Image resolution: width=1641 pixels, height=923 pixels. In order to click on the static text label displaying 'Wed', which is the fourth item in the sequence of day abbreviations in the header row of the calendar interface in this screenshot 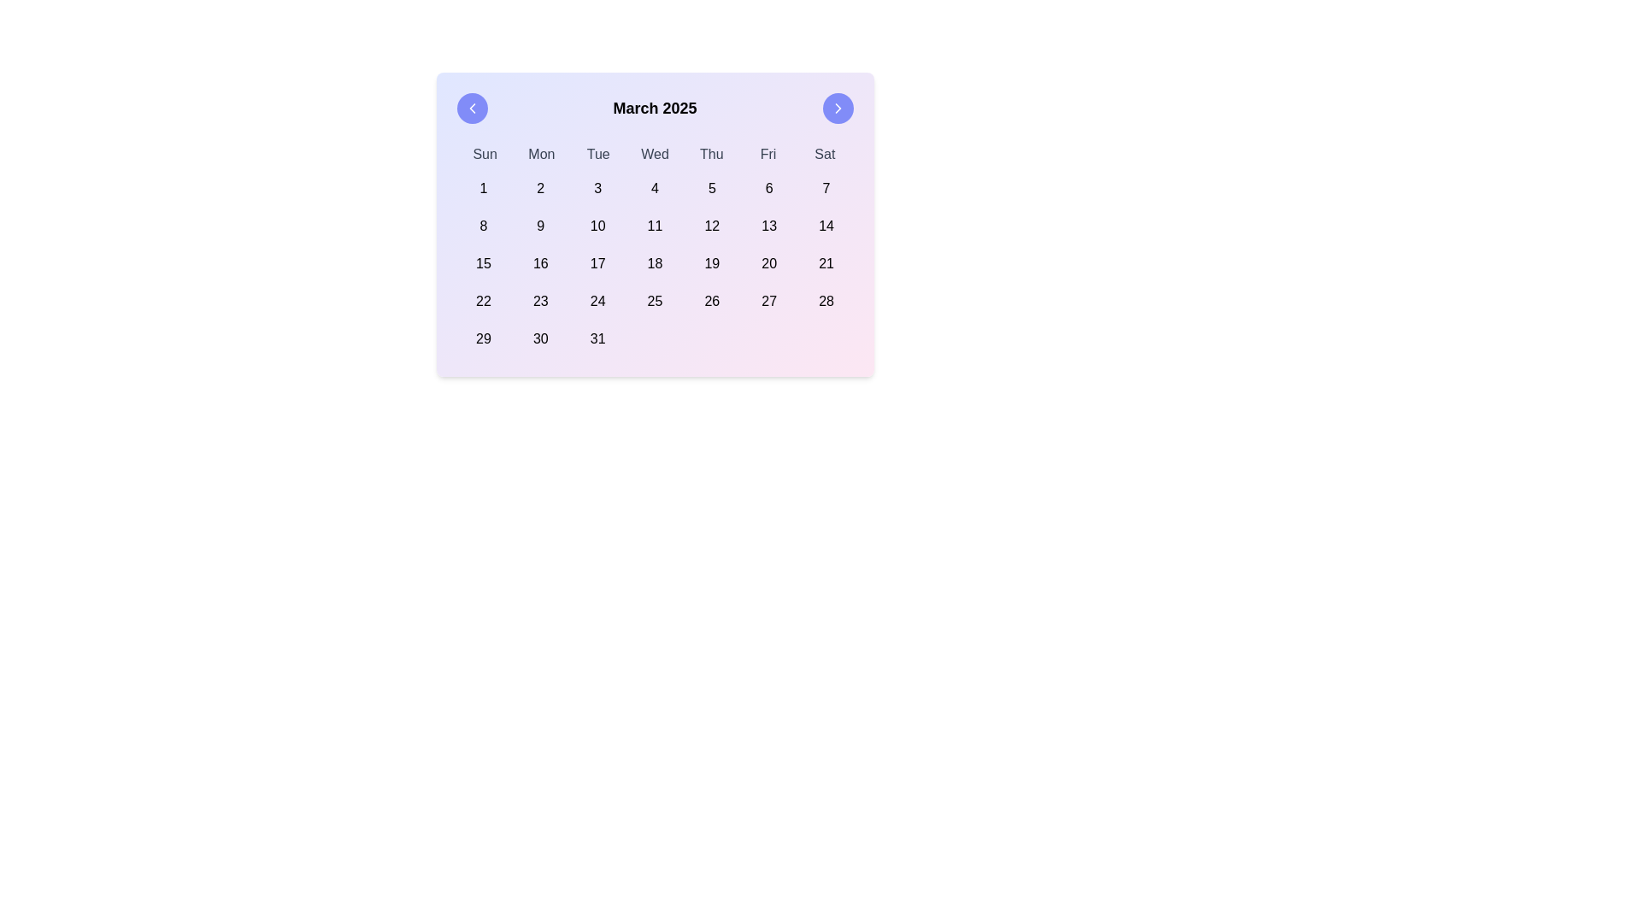, I will do `click(654, 155)`.